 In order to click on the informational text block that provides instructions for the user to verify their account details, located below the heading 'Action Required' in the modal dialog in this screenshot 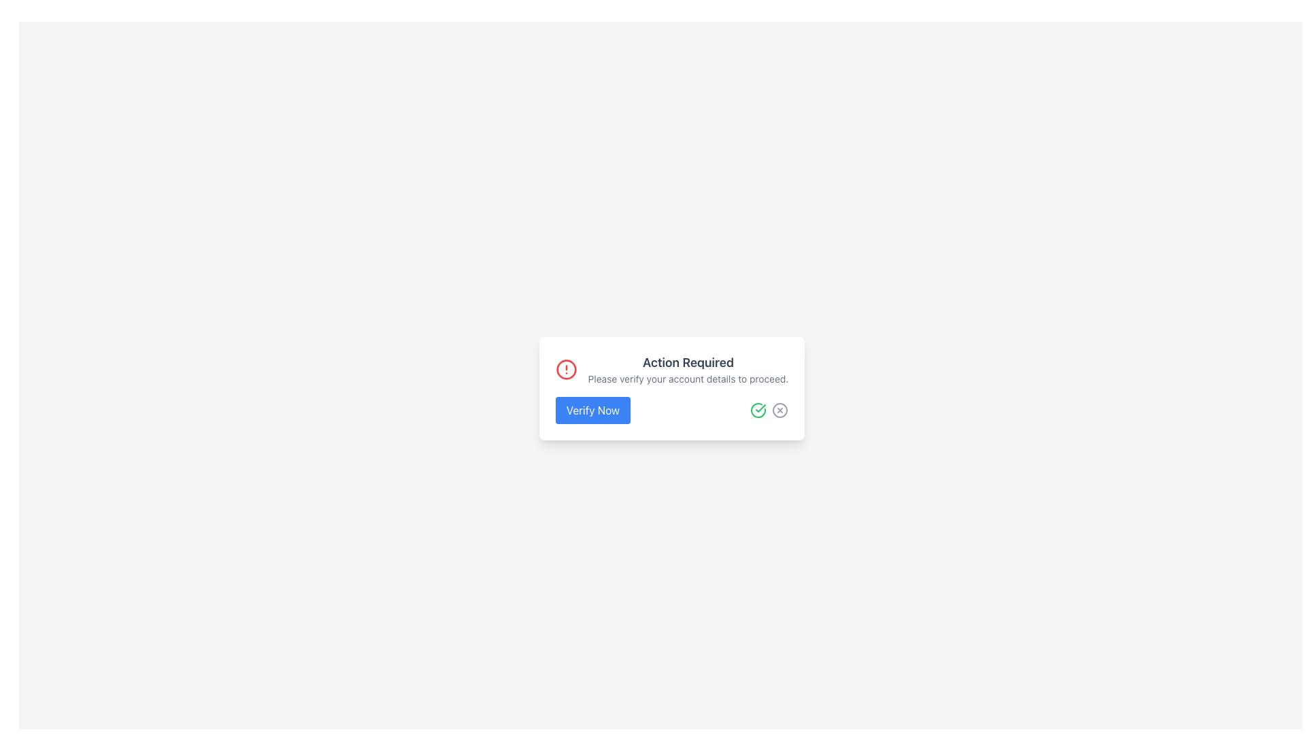, I will do `click(688, 379)`.